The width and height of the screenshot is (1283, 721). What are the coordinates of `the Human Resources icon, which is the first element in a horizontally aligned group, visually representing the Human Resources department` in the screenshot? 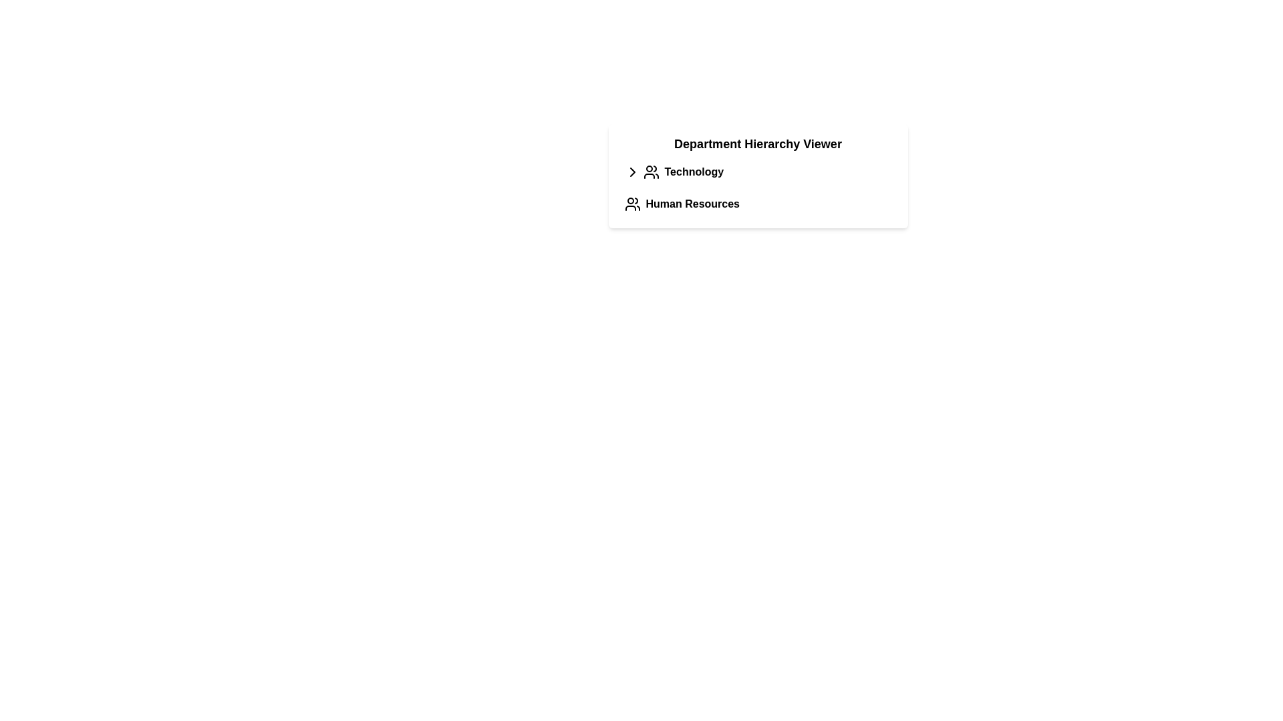 It's located at (631, 204).